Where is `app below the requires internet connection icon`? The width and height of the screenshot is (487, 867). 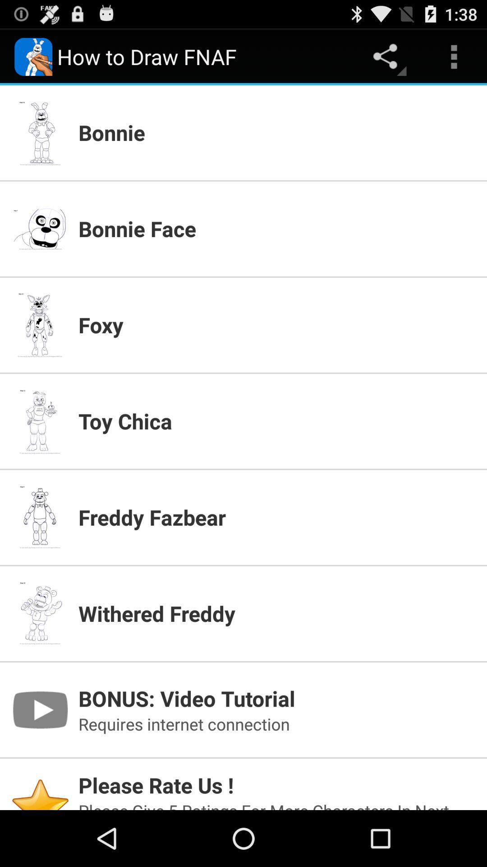
app below the requires internet connection icon is located at coordinates (276, 784).